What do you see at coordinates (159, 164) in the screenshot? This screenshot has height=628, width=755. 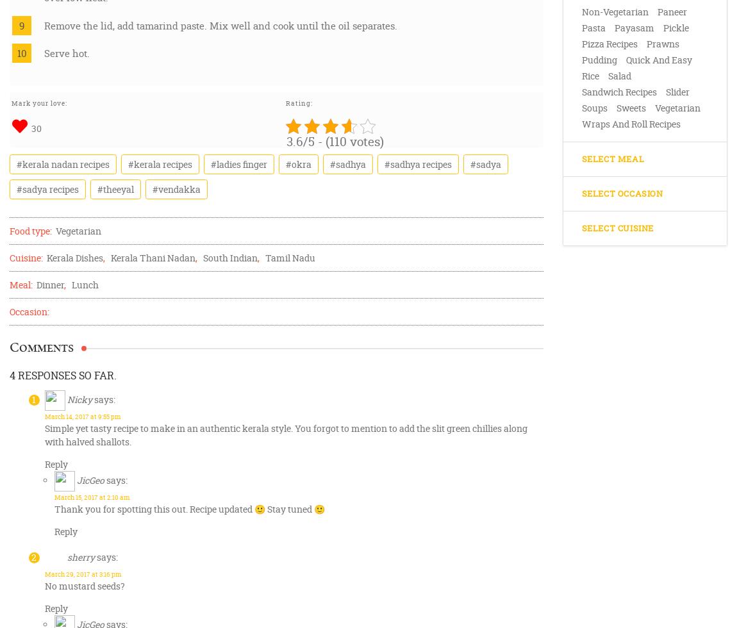 I see `'#kerala recipes'` at bounding box center [159, 164].